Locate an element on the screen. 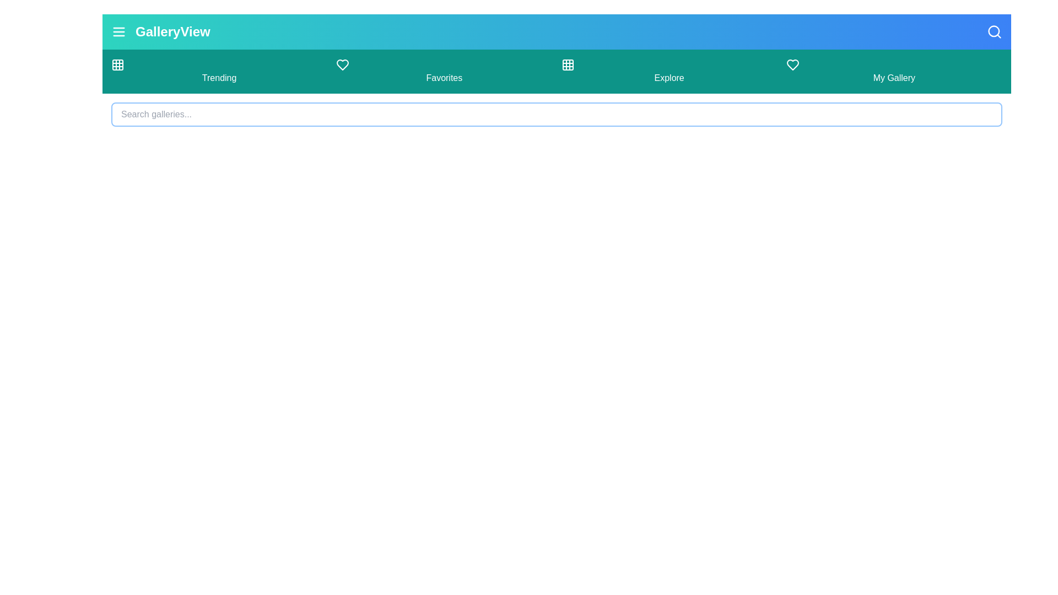 This screenshot has height=595, width=1058. the menu item labeled My Gallery in the navigation drawer is located at coordinates (894, 72).